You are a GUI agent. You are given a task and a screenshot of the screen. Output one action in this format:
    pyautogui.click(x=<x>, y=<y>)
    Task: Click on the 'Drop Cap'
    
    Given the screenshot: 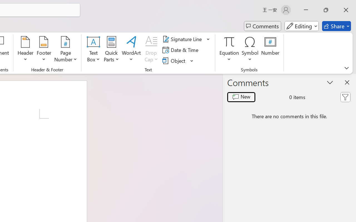 What is the action you would take?
    pyautogui.click(x=151, y=50)
    